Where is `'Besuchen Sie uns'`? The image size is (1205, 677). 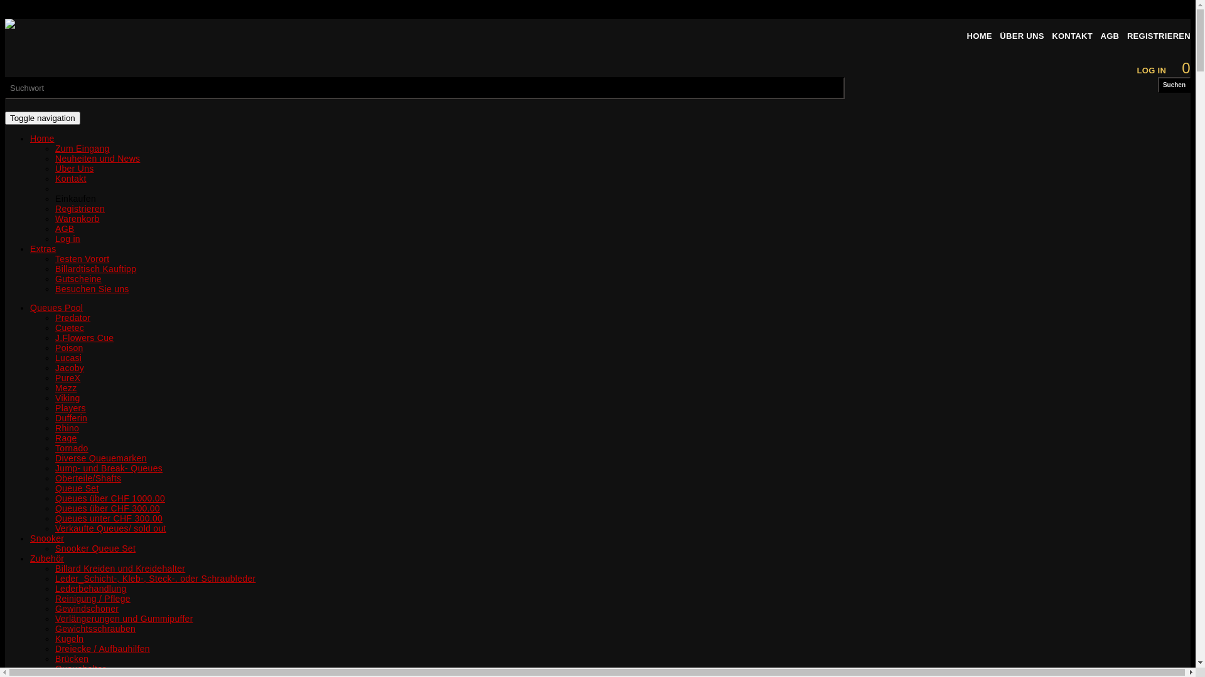 'Besuchen Sie uns' is located at coordinates (92, 289).